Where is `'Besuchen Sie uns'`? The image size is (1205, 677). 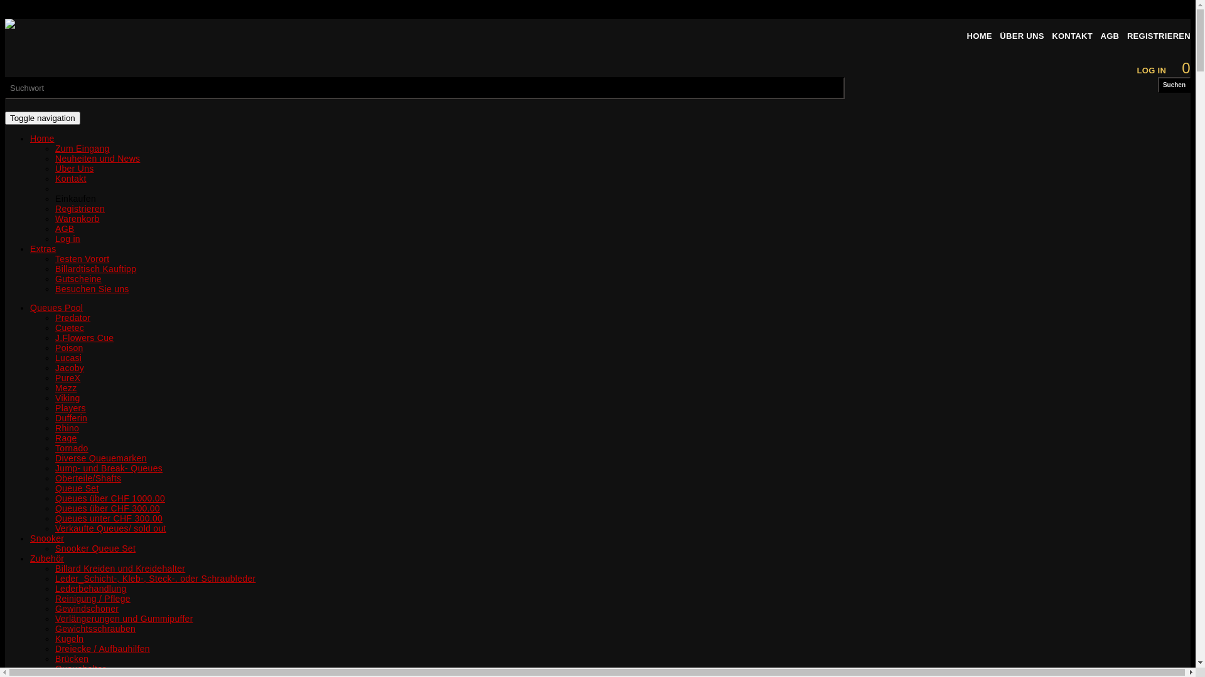 'Besuchen Sie uns' is located at coordinates (92, 289).